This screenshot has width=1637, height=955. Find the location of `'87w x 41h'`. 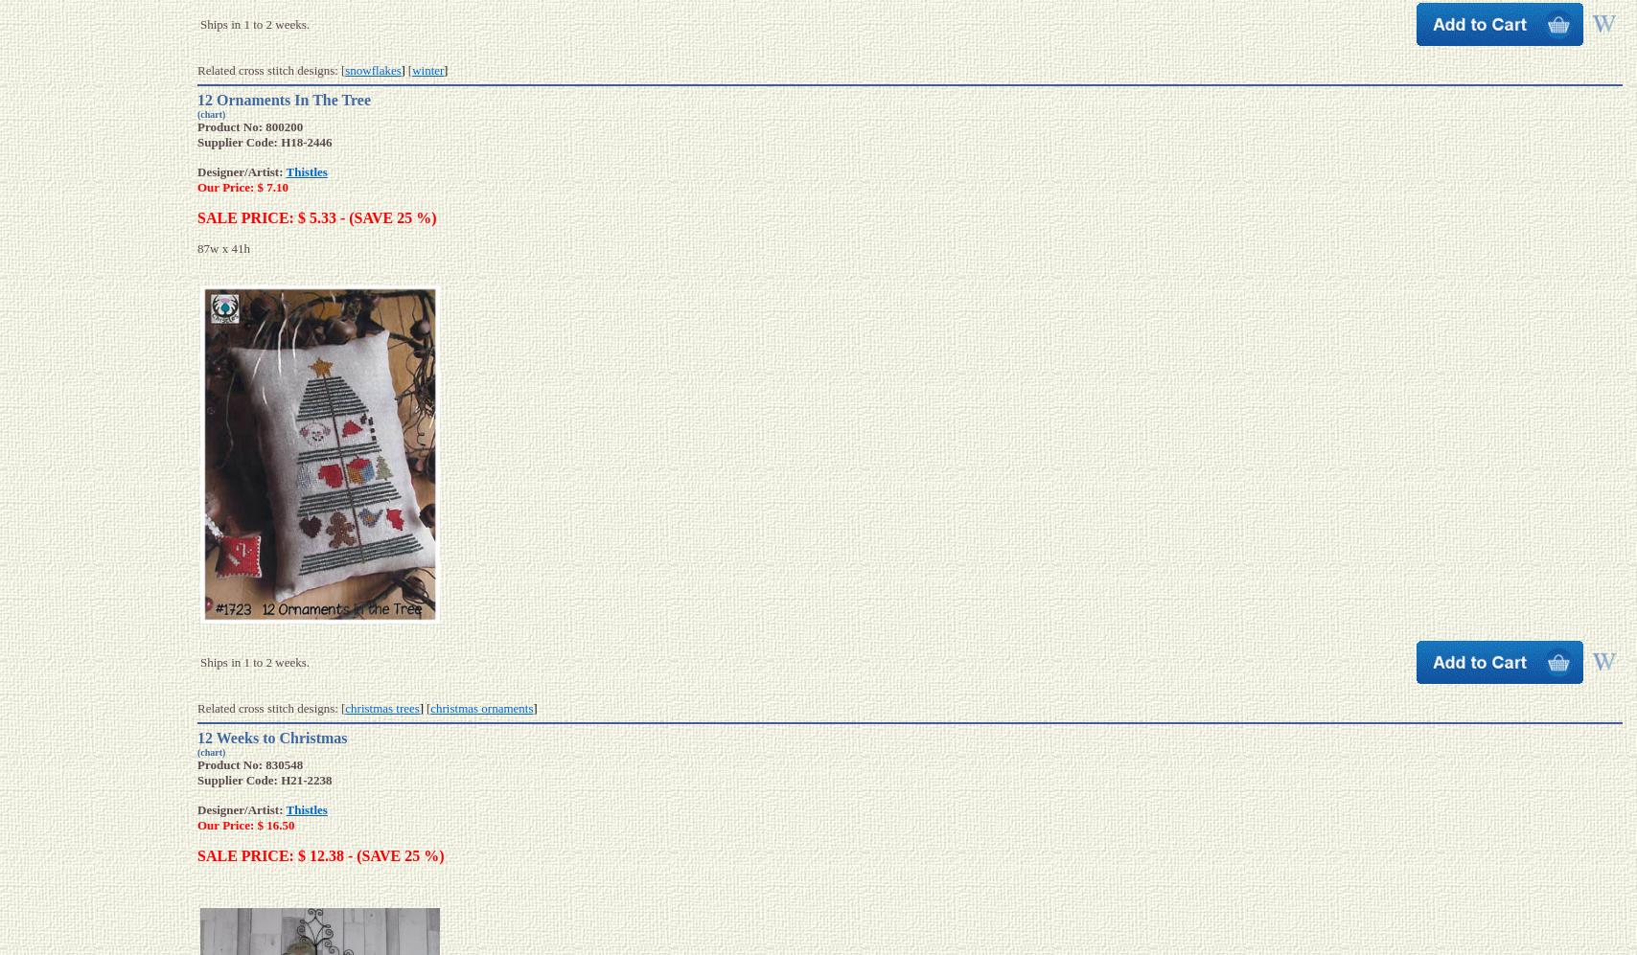

'87w x 41h' is located at coordinates (222, 246).